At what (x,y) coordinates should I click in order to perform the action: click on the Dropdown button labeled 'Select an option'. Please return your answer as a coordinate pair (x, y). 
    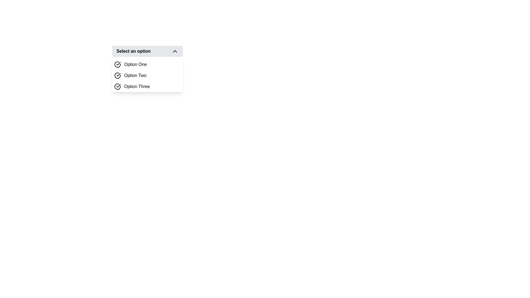
    Looking at the image, I should click on (147, 51).